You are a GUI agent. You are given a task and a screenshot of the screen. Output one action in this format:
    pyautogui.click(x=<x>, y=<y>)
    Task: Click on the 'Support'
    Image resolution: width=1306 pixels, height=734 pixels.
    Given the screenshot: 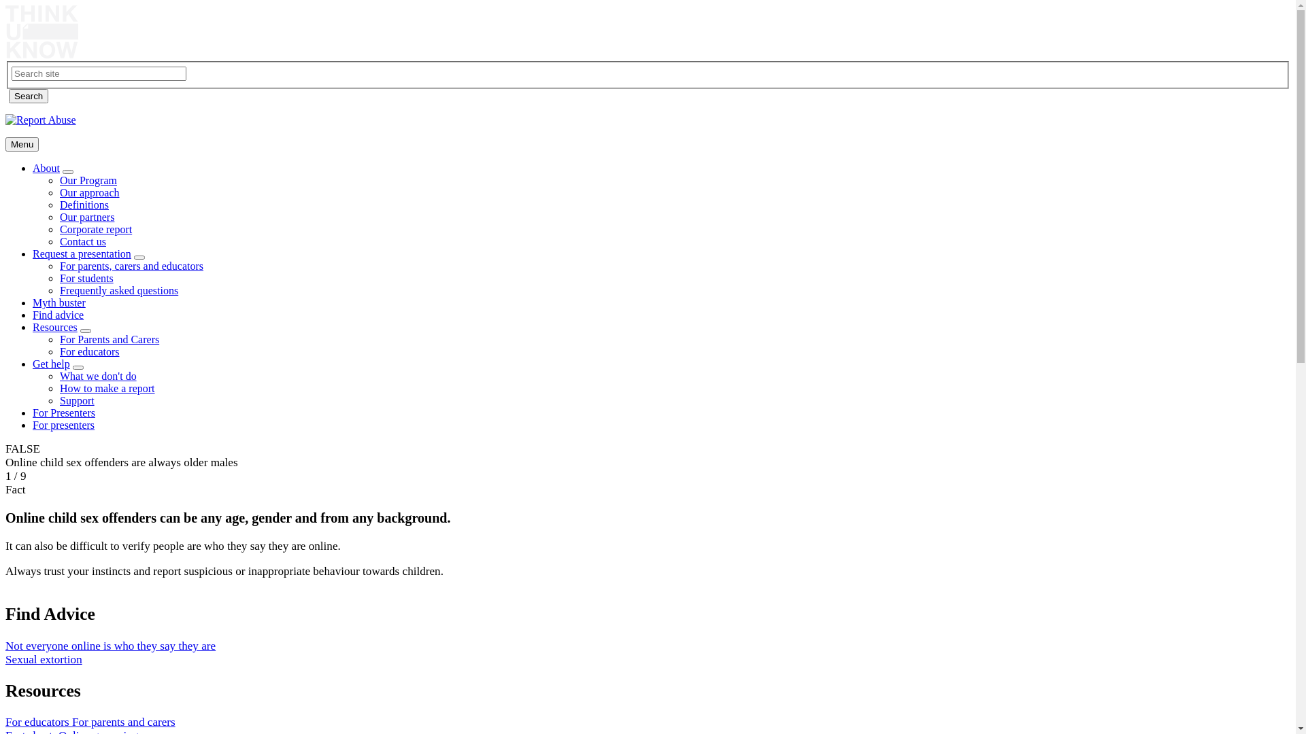 What is the action you would take?
    pyautogui.click(x=58, y=400)
    